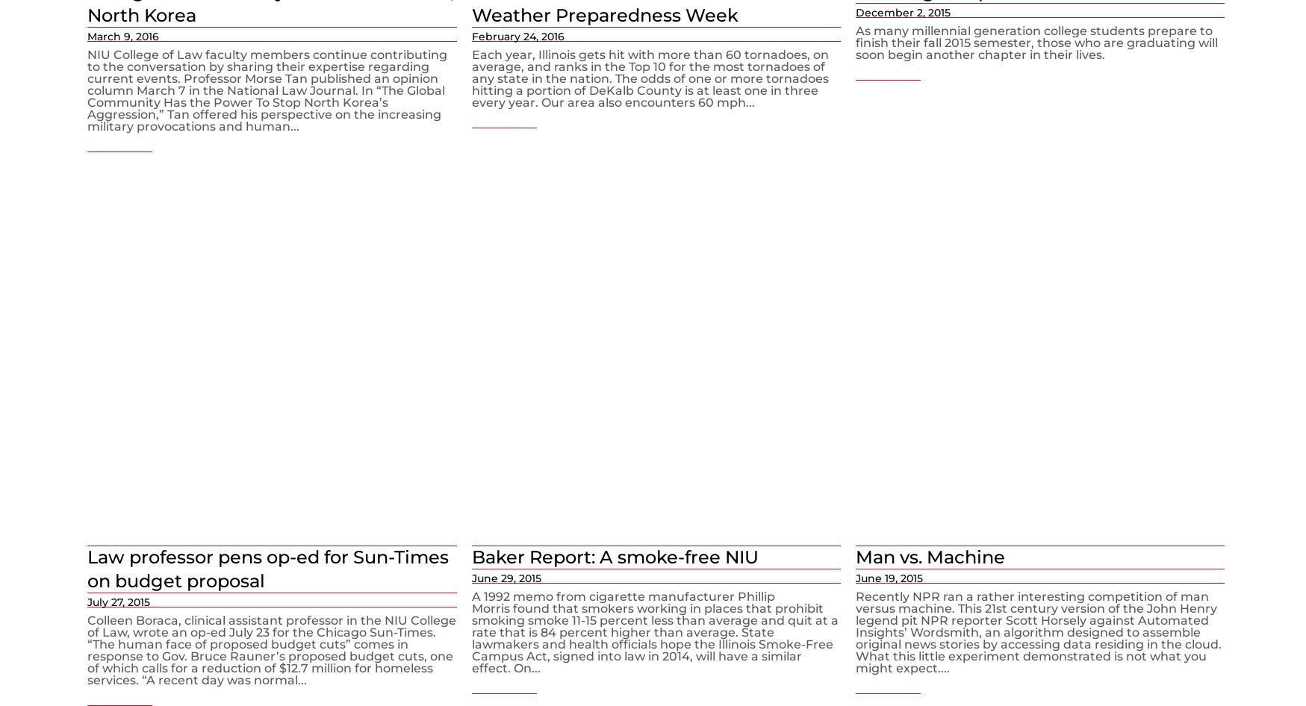 This screenshot has width=1306, height=706. What do you see at coordinates (614, 555) in the screenshot?
I see `'Baker Report: A smoke-free NIU'` at bounding box center [614, 555].